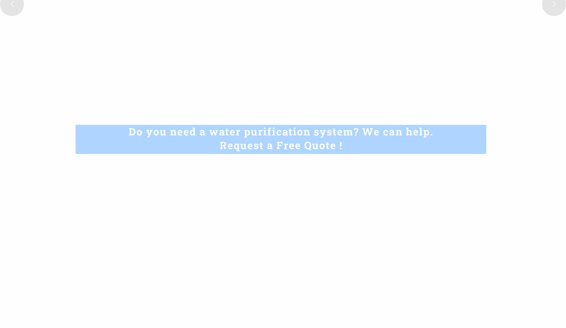 The width and height of the screenshot is (566, 328). What do you see at coordinates (317, 281) in the screenshot?
I see `'Payment – Shipping'` at bounding box center [317, 281].